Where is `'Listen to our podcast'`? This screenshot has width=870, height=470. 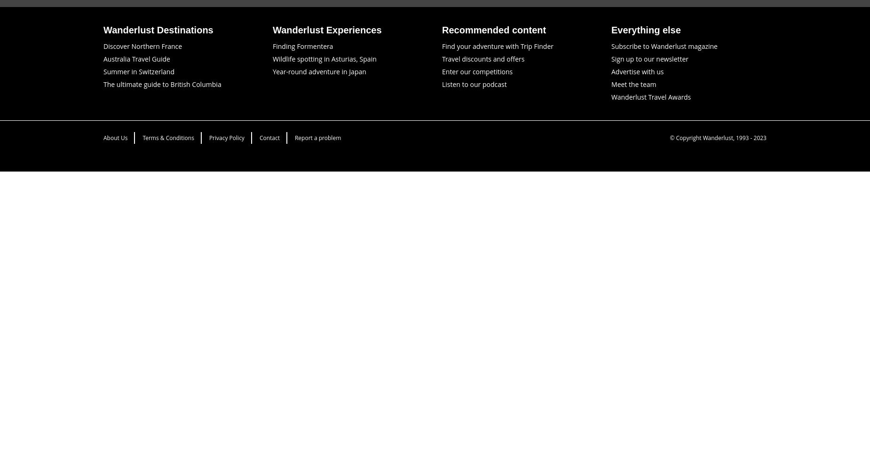 'Listen to our podcast' is located at coordinates (474, 84).